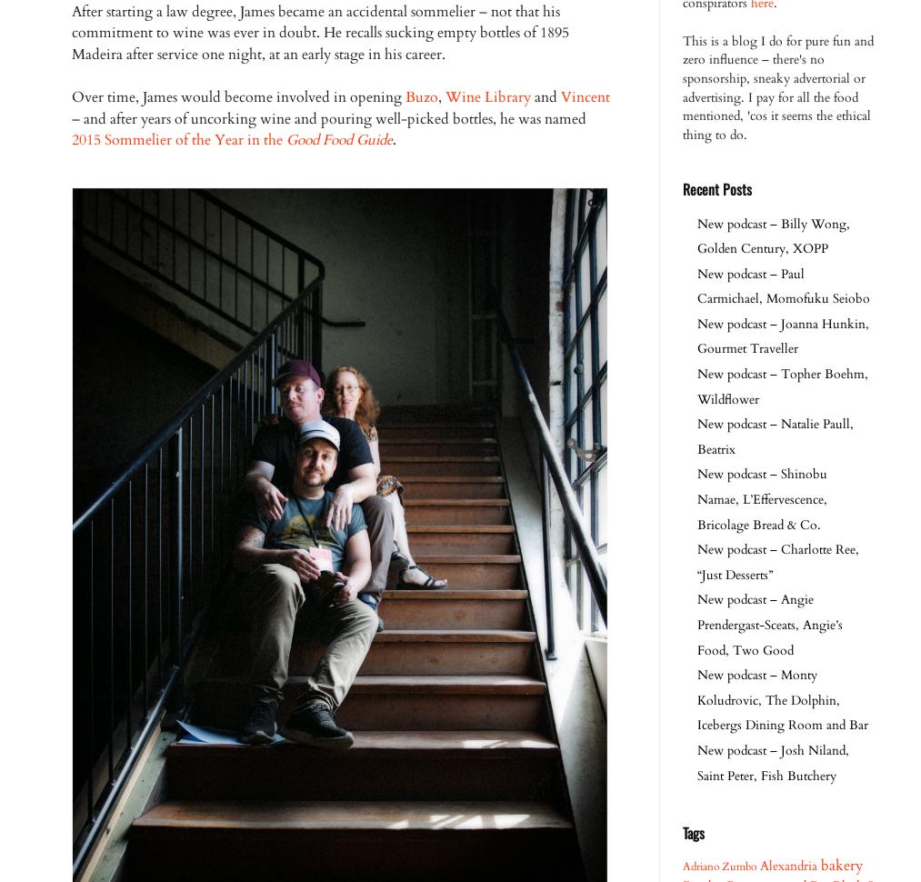  I want to click on 'and', so click(546, 96).